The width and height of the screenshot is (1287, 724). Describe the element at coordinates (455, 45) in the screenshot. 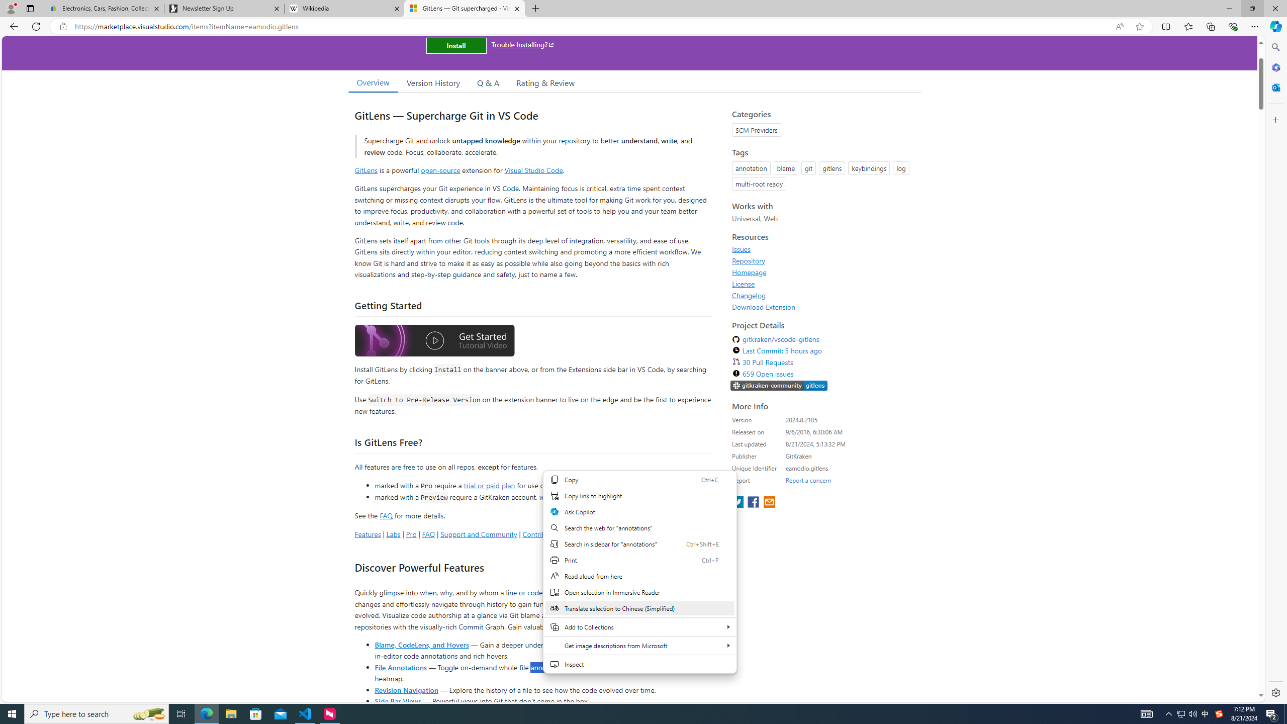

I see `'Install'` at that location.